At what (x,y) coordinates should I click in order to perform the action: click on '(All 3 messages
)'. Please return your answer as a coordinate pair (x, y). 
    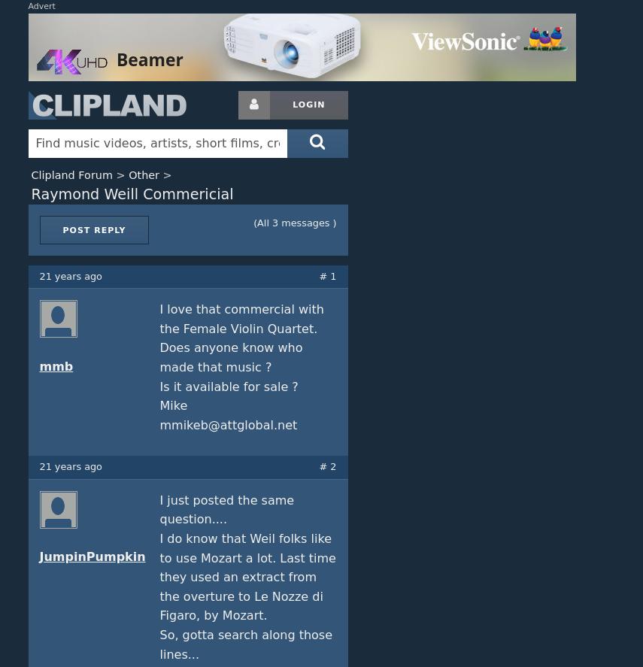
    Looking at the image, I should click on (253, 221).